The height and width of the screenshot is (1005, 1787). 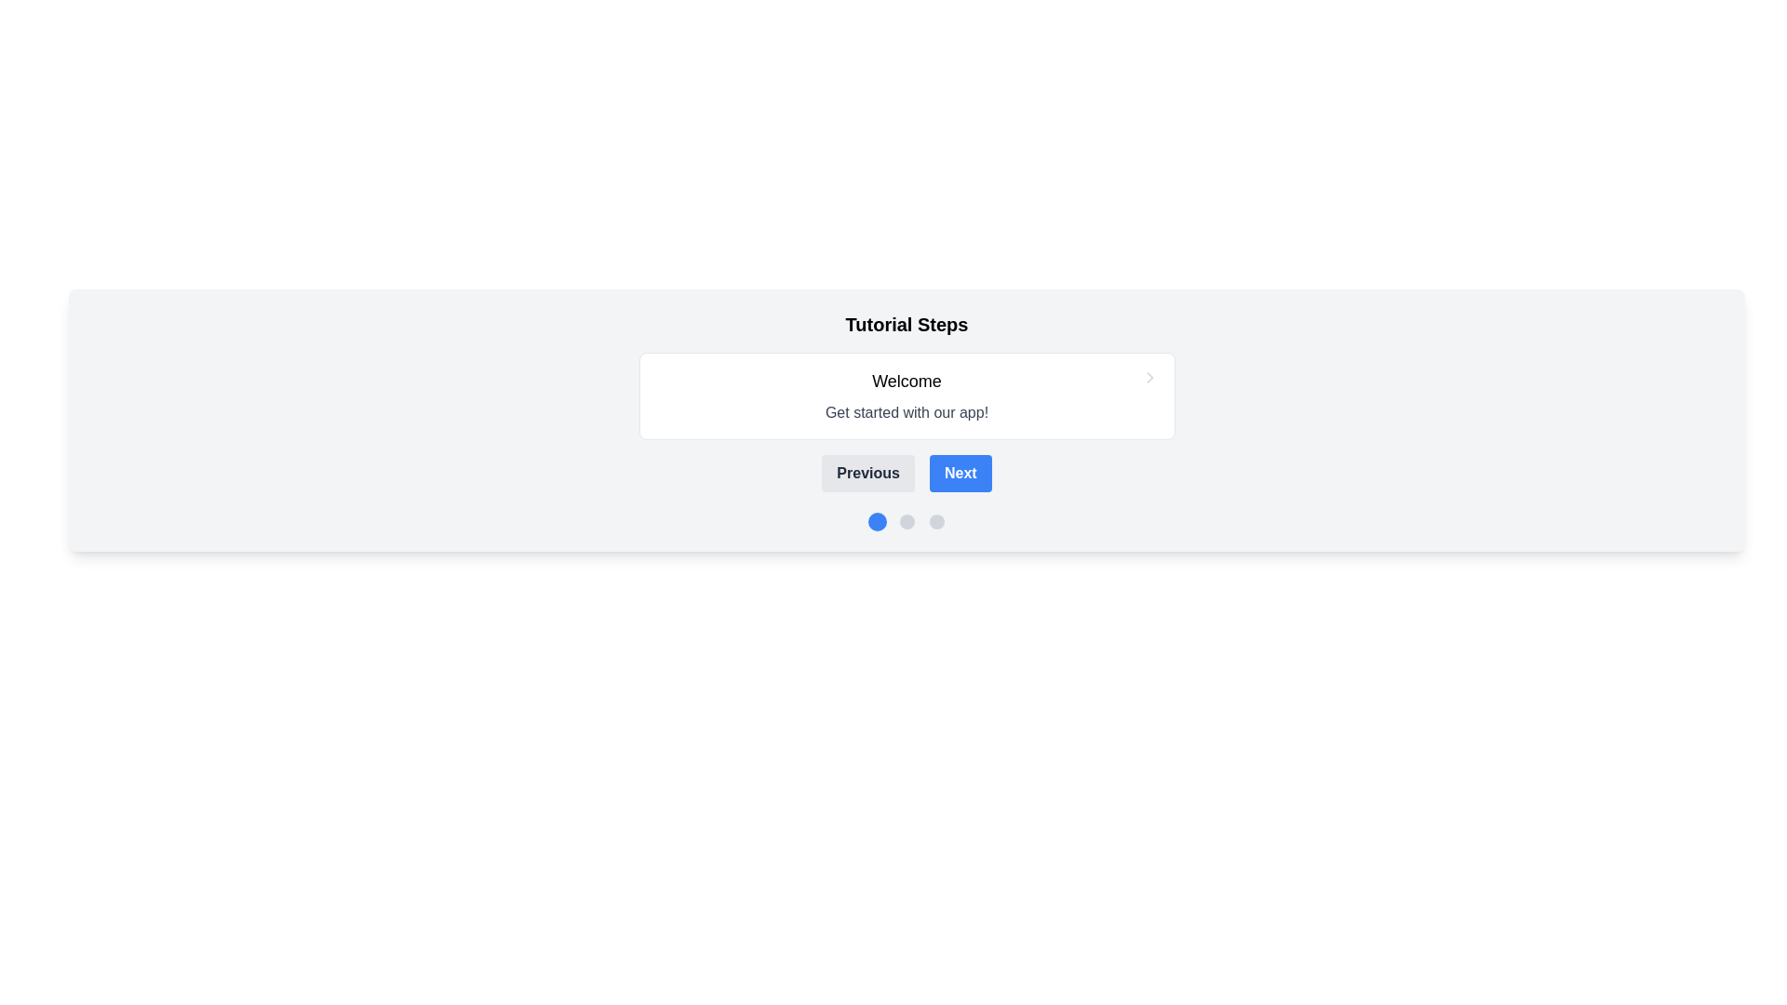 I want to click on the third circular Interactive Indicator dot located in the footer navigation, so click(x=936, y=521).